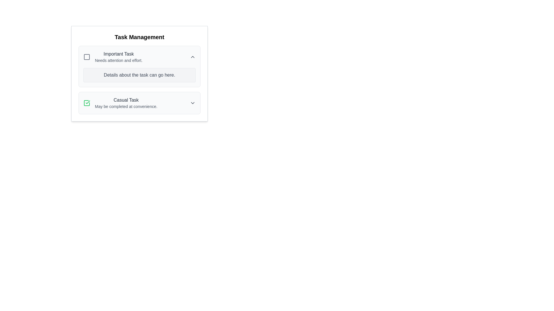  I want to click on the 'Important Task' label text element, which displays the phrase in gray on a white background, located at the top of a task card, so click(118, 54).